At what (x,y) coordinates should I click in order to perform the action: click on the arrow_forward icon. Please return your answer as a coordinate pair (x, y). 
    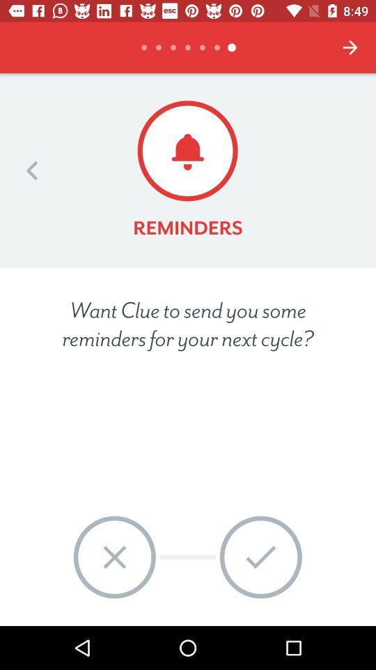
    Looking at the image, I should click on (350, 47).